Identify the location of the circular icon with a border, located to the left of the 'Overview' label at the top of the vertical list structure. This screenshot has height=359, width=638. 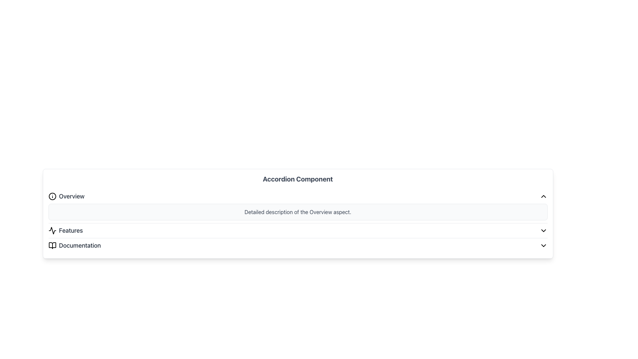
(52, 196).